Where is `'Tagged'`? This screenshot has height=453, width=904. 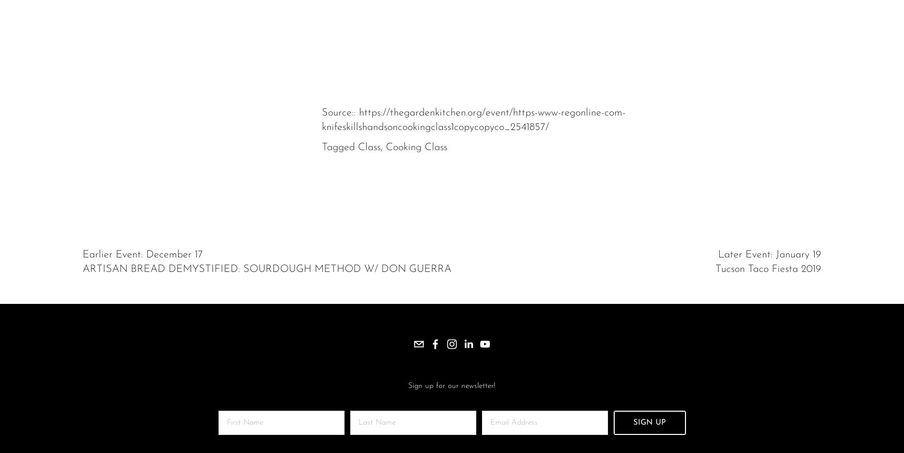
'Tagged' is located at coordinates (339, 146).